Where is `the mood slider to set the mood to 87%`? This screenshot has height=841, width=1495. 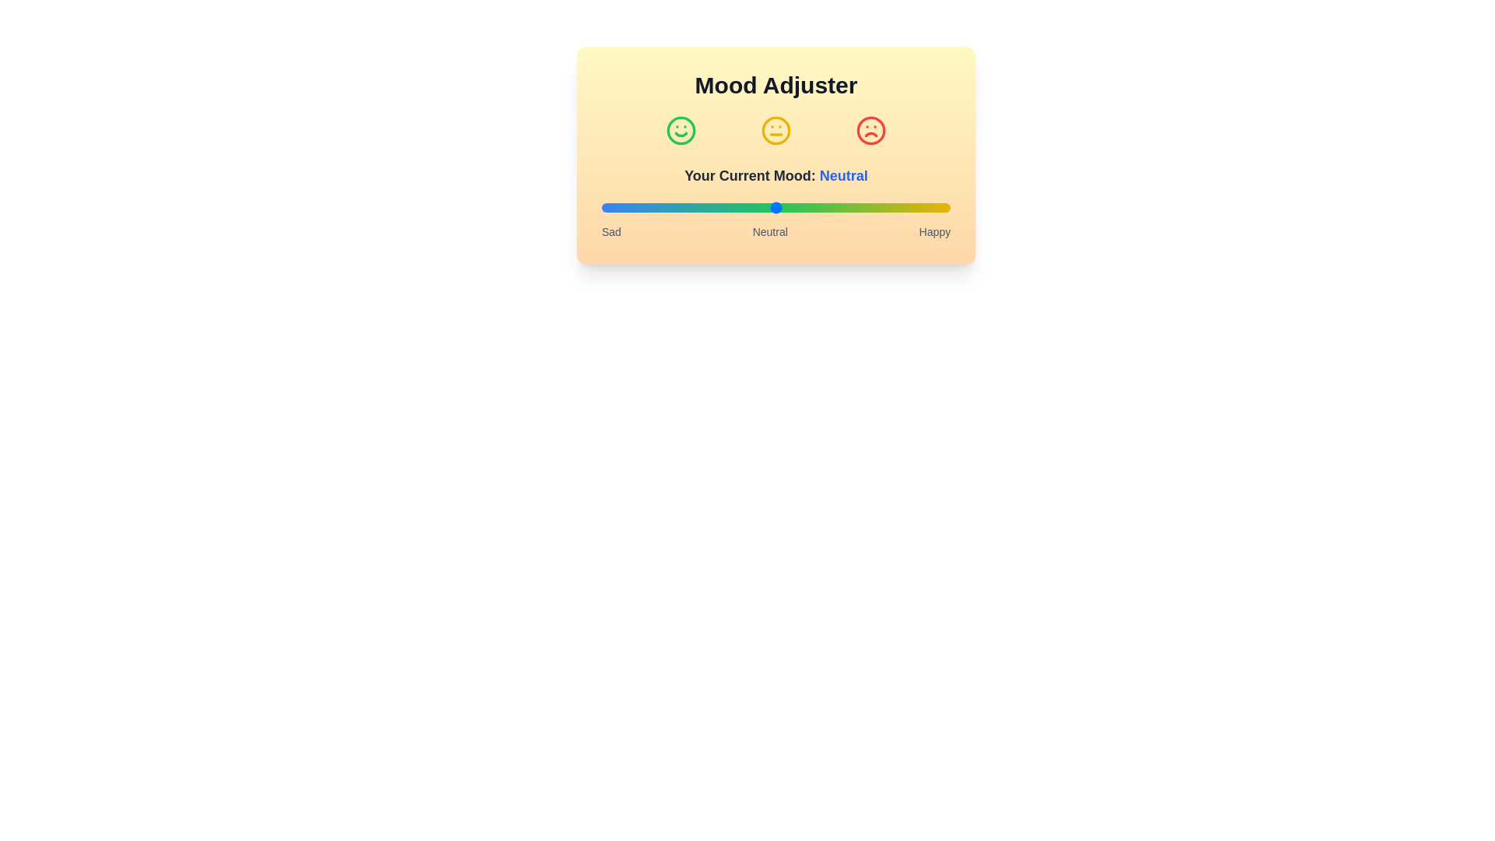
the mood slider to set the mood to 87% is located at coordinates (905, 206).